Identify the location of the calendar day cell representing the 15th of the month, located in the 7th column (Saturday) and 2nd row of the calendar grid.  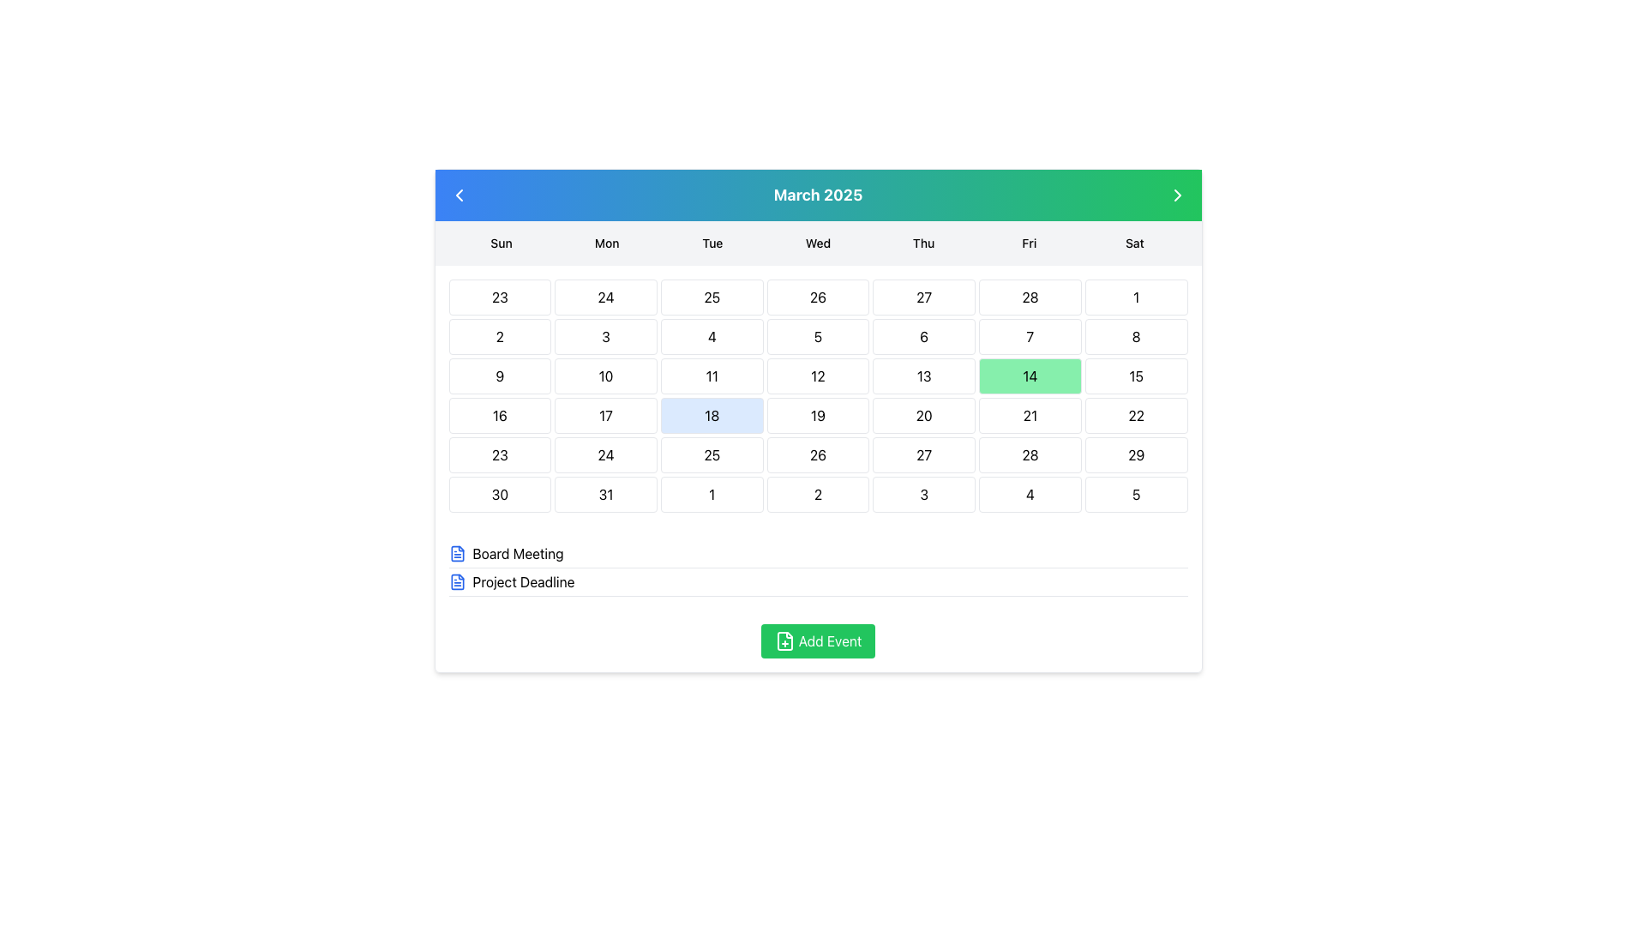
(1136, 376).